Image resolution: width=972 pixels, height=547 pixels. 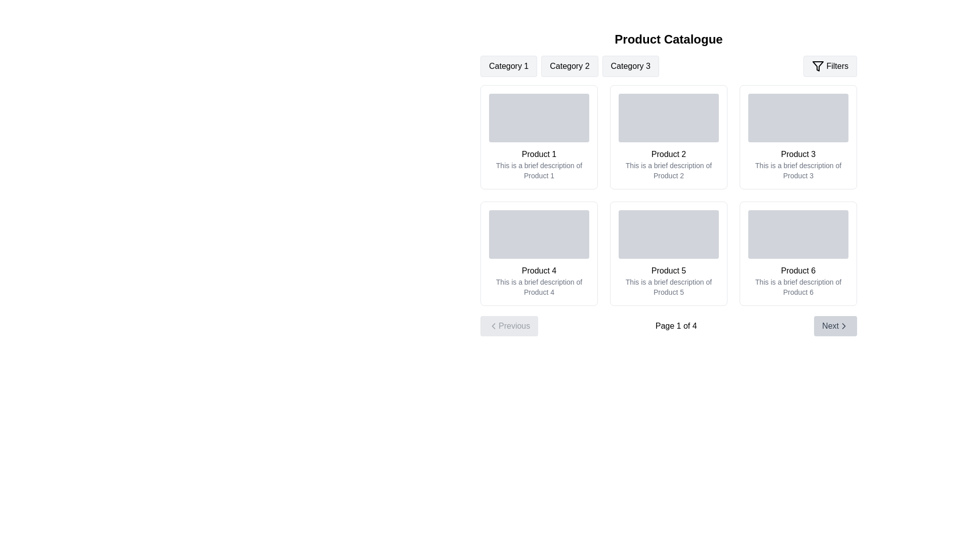 I want to click on properties of the placeholder image rectangle located within the 'Product 5' card in the second row, second column of the product grid, so click(x=668, y=234).